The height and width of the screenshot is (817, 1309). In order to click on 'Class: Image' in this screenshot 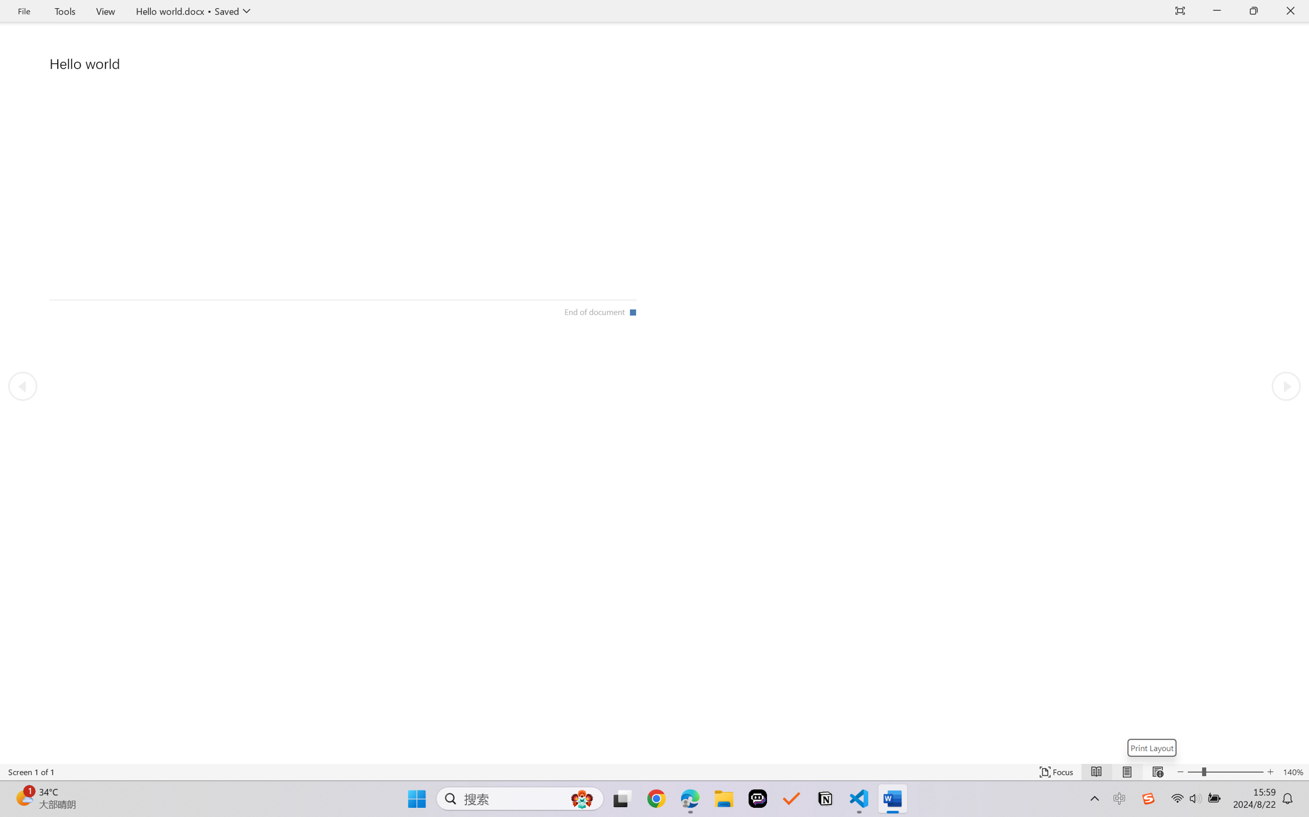, I will do `click(1148, 799)`.